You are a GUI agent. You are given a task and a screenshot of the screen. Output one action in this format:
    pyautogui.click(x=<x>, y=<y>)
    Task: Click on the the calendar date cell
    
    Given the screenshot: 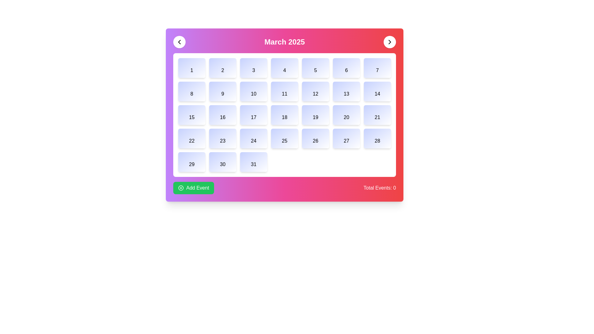 What is the action you would take?
    pyautogui.click(x=254, y=138)
    